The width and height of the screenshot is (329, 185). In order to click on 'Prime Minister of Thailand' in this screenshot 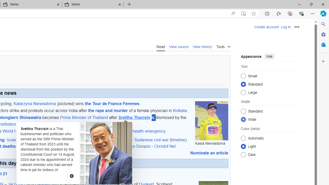, I will do `click(84, 118)`.